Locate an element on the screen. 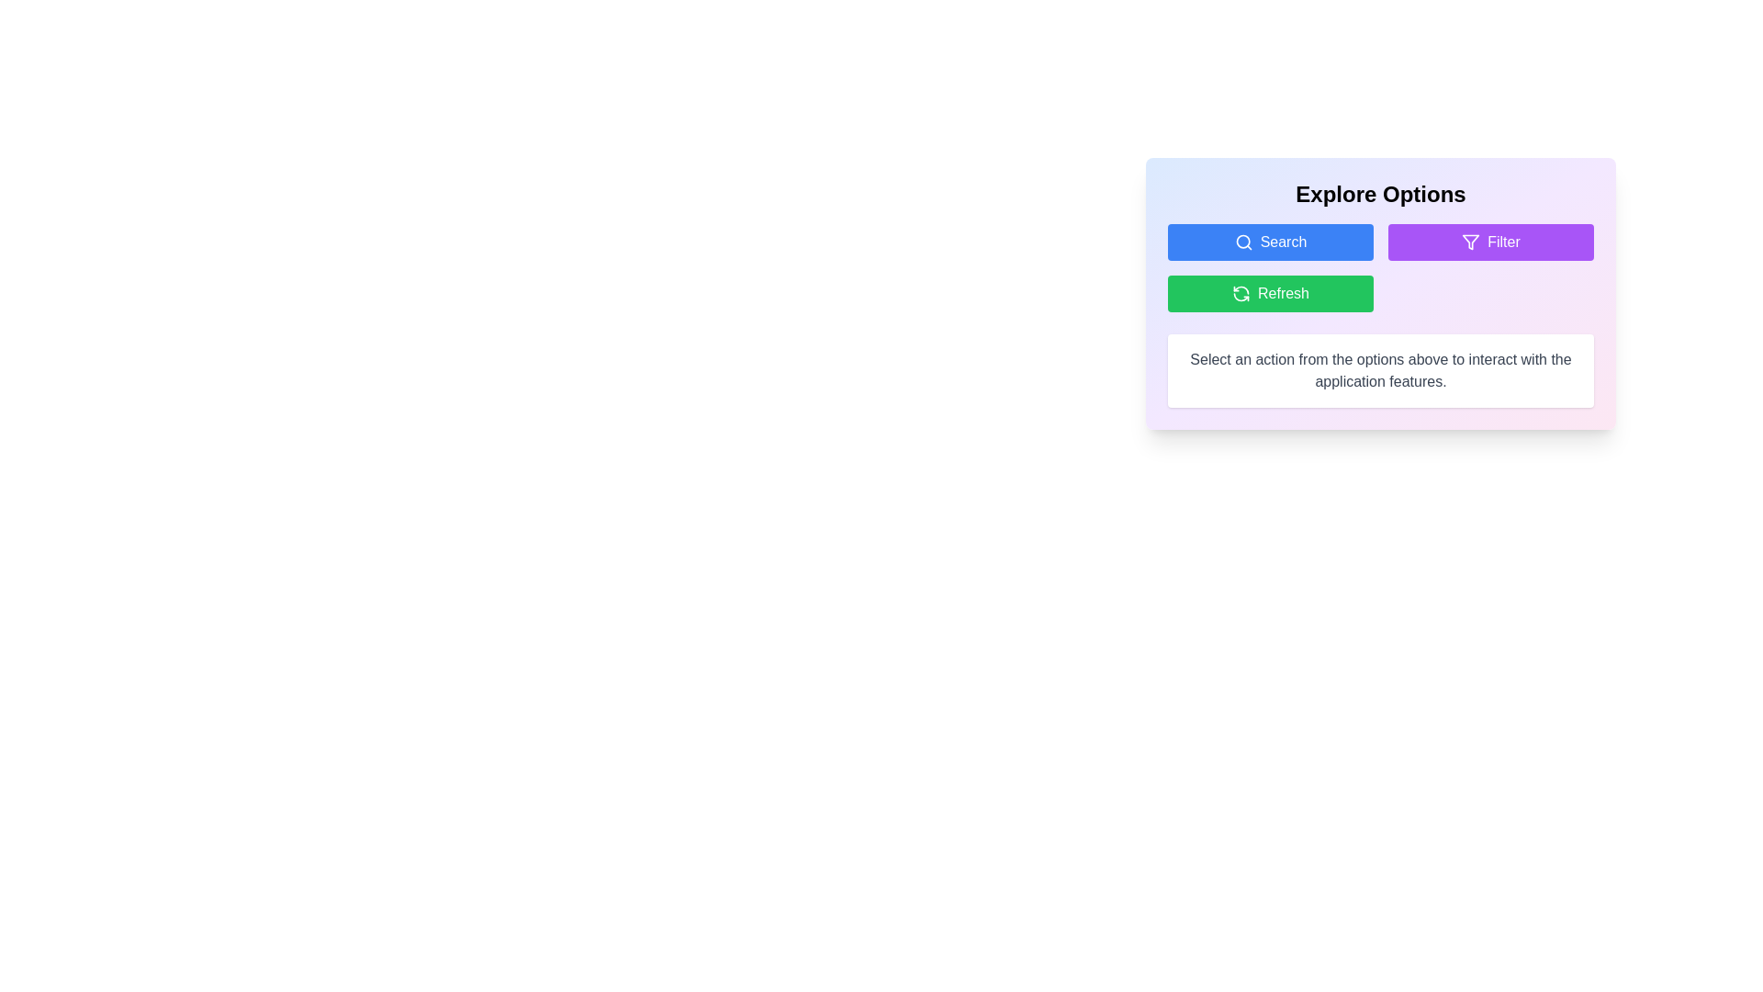 This screenshot has height=992, width=1763. the downward-pointing funnel-shaped SVG icon within the purple button labeled 'Filter' is located at coordinates (1471, 241).